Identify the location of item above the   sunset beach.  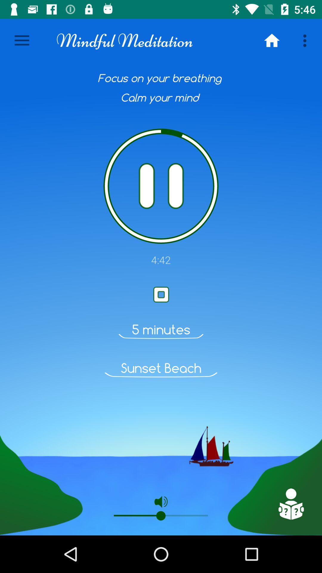
(161, 329).